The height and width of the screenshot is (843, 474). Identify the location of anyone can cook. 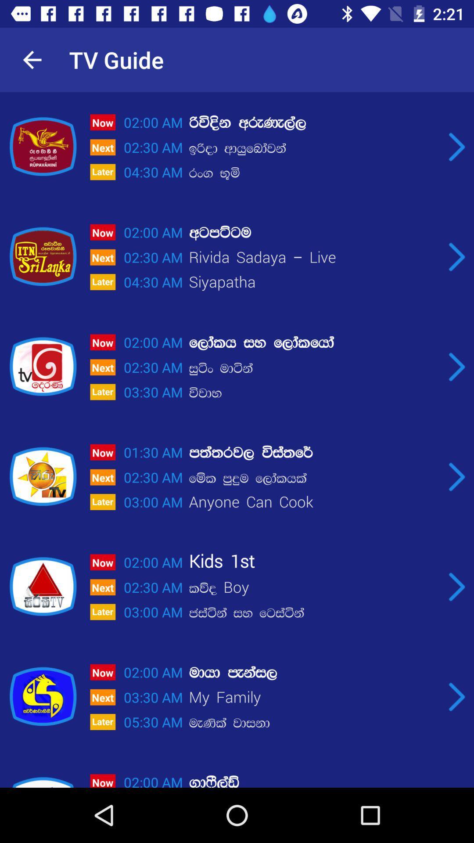
(313, 503).